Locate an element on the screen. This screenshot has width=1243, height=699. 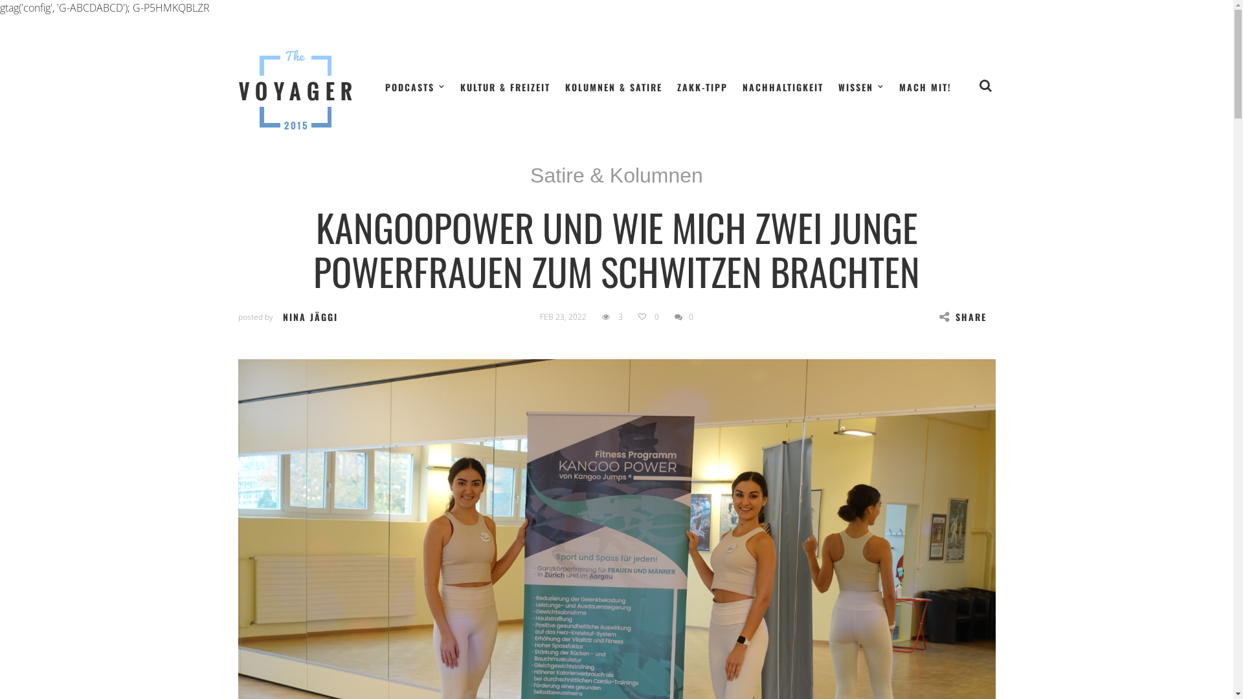
'KOLUMNEN & SATIRE' is located at coordinates (612, 87).